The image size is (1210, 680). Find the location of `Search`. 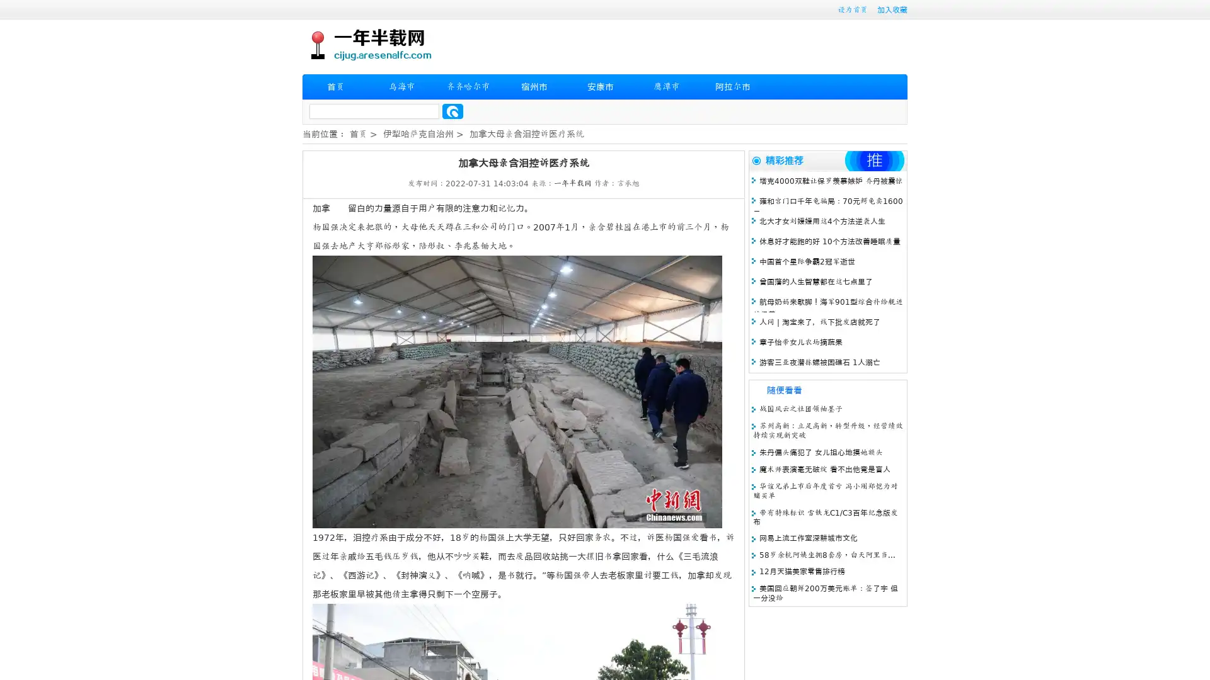

Search is located at coordinates (452, 111).